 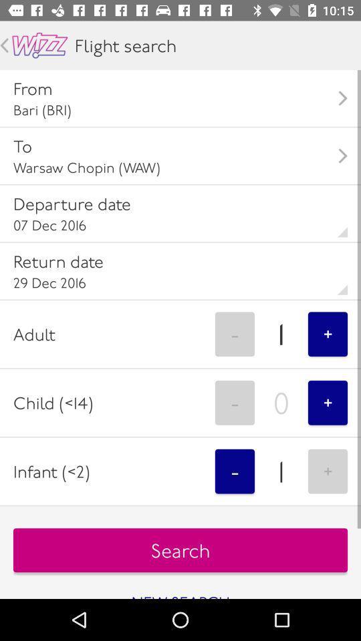 I want to click on +, so click(x=327, y=471).